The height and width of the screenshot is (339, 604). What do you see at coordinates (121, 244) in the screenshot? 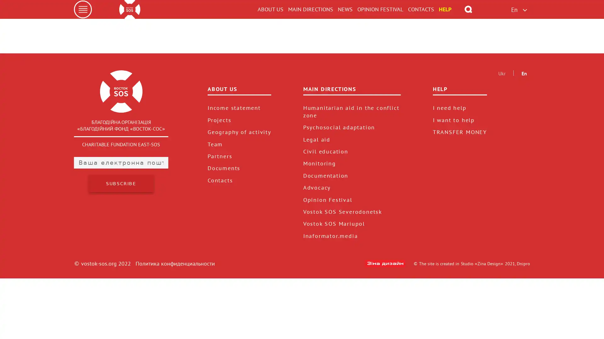
I see `Subscribe` at bounding box center [121, 244].